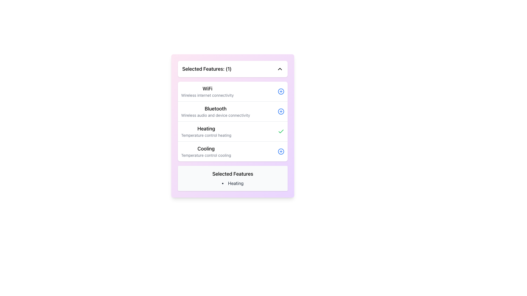 The height and width of the screenshot is (296, 527). Describe the element at coordinates (281, 151) in the screenshot. I see `the fourth button on the right side of the 'Cooling' row` at that location.